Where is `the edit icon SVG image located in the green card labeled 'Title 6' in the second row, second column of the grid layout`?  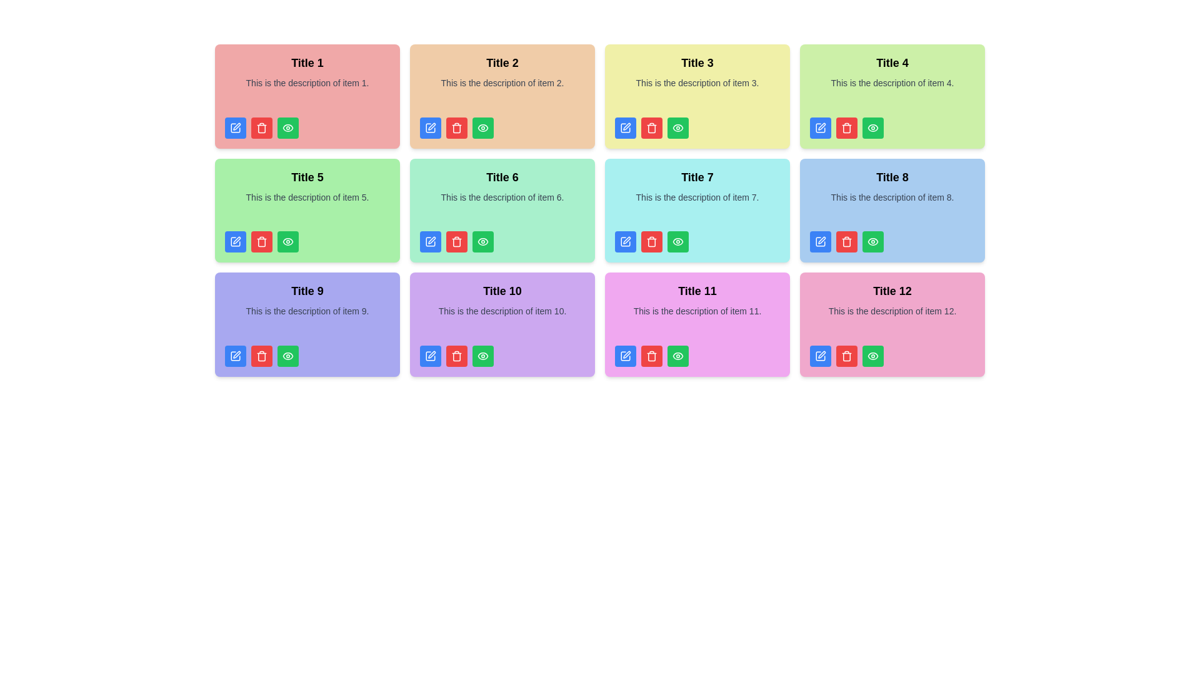 the edit icon SVG image located in the green card labeled 'Title 6' in the second row, second column of the grid layout is located at coordinates (432, 240).